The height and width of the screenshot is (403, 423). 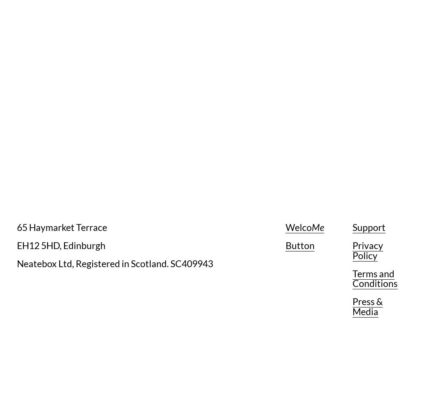 What do you see at coordinates (299, 245) in the screenshot?
I see `'Button'` at bounding box center [299, 245].